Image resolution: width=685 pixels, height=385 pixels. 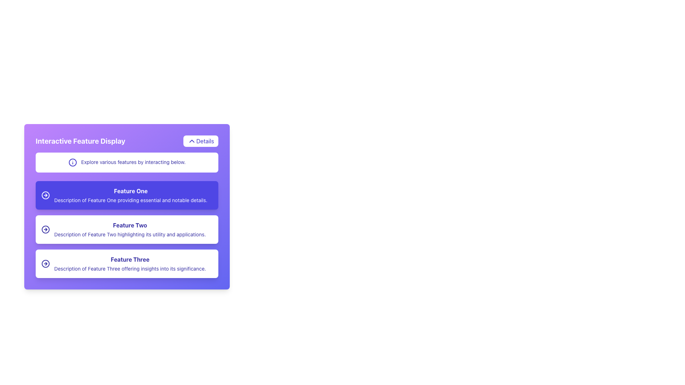 I want to click on the informational list item for 'Feature Two', so click(x=127, y=230).